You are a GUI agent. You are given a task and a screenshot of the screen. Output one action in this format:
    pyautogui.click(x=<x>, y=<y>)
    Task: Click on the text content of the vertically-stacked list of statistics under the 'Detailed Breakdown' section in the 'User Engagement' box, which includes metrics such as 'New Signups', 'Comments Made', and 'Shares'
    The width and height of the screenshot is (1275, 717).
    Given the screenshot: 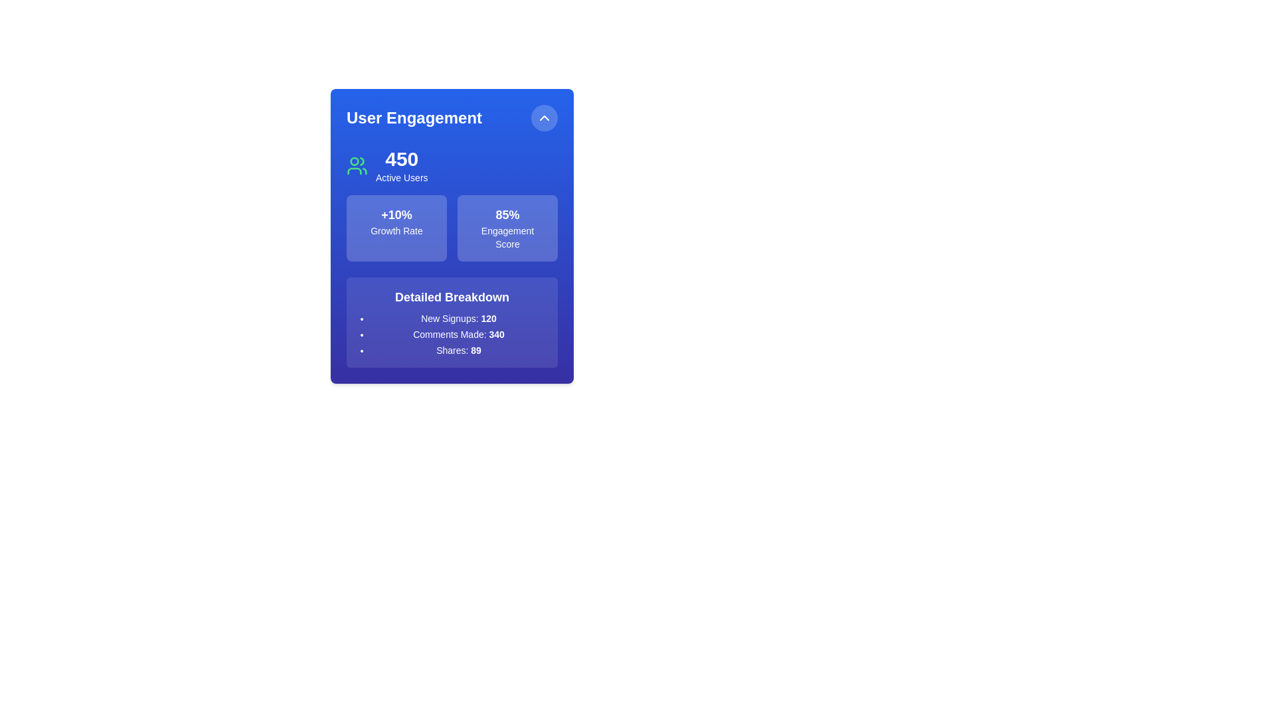 What is the action you would take?
    pyautogui.click(x=459, y=334)
    